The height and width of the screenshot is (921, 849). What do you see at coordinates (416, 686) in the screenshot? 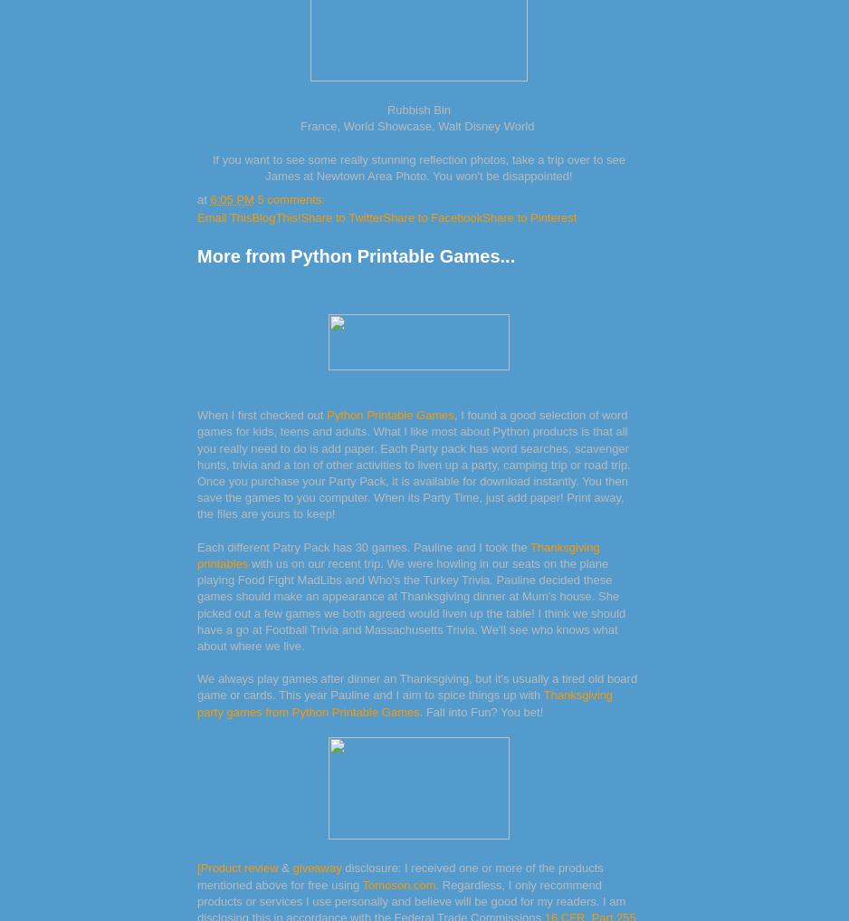
I see `'We always play games after dinner an Thanksgiving, but it's usually a tired old board game or cards. This year Pauline and I aim to spice things up with'` at bounding box center [416, 686].